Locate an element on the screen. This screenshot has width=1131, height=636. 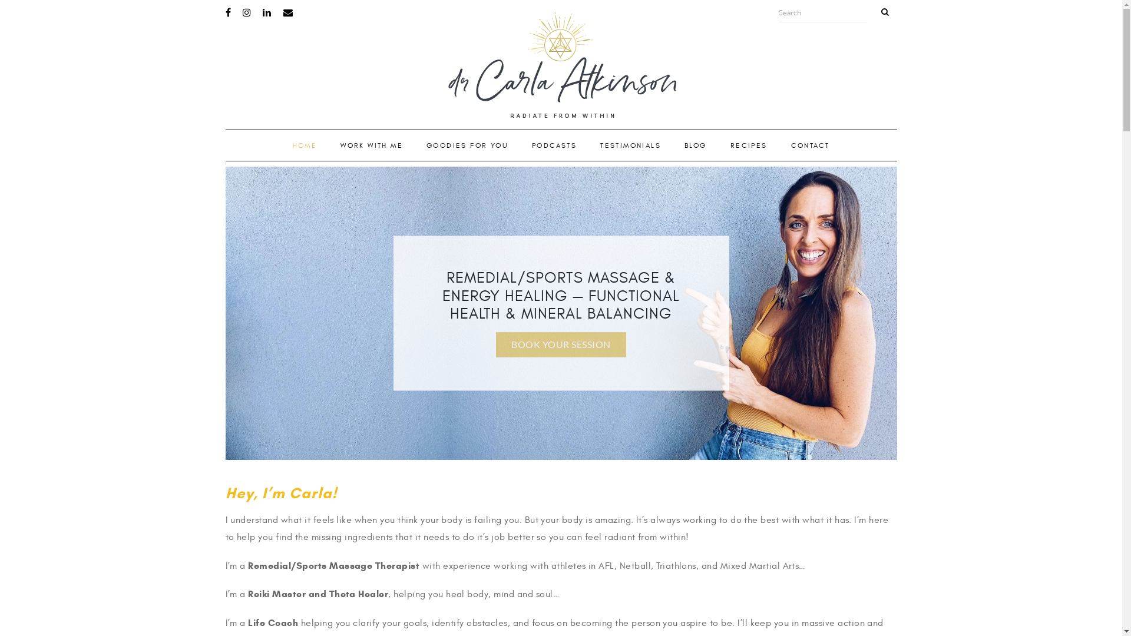
'RECIPES' is located at coordinates (717, 144).